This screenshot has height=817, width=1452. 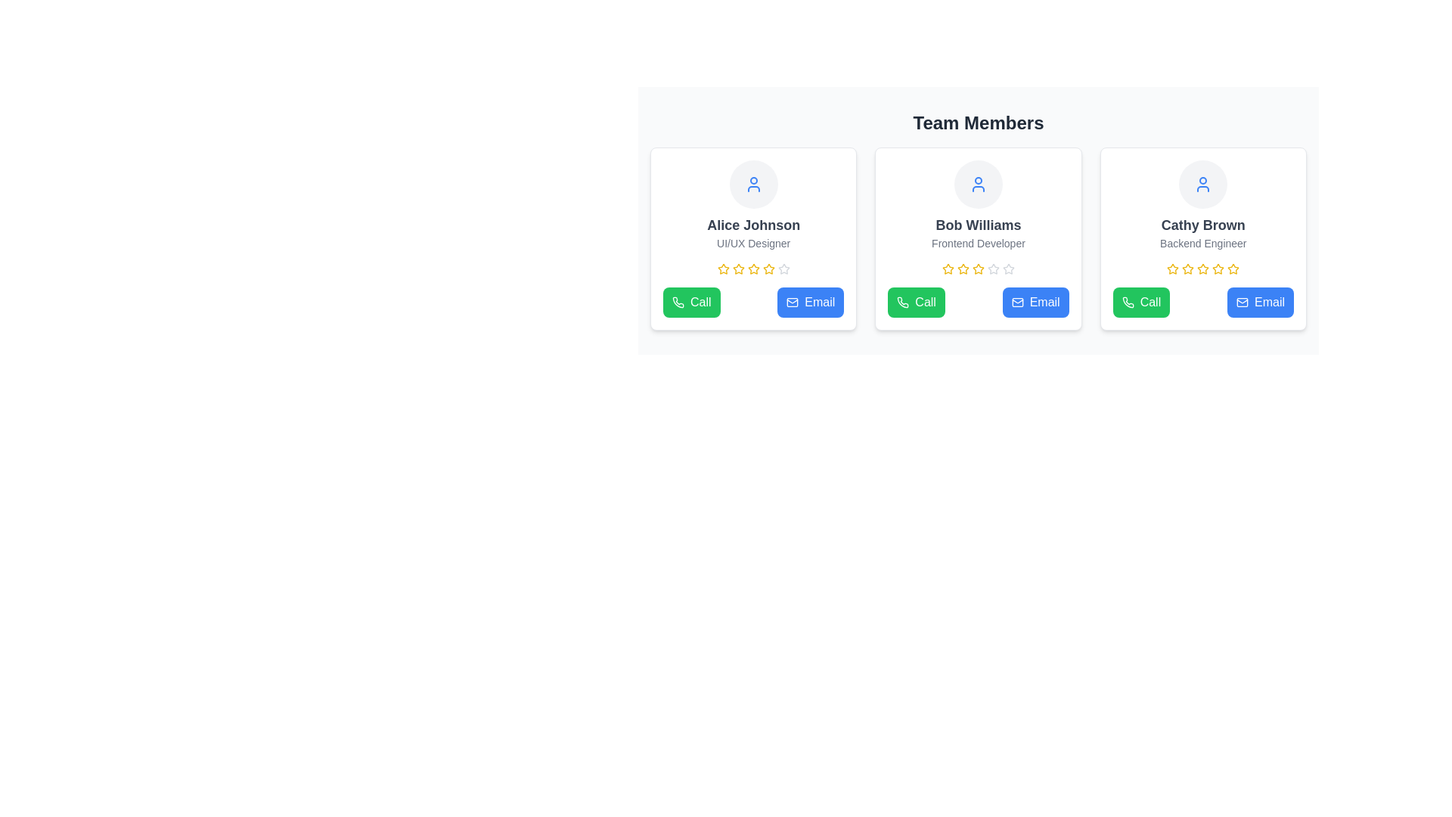 What do you see at coordinates (1202, 268) in the screenshot?
I see `the second star-shaped icon in the rating row below the 'Cathy Brown' card in the 'Team Members' section` at bounding box center [1202, 268].